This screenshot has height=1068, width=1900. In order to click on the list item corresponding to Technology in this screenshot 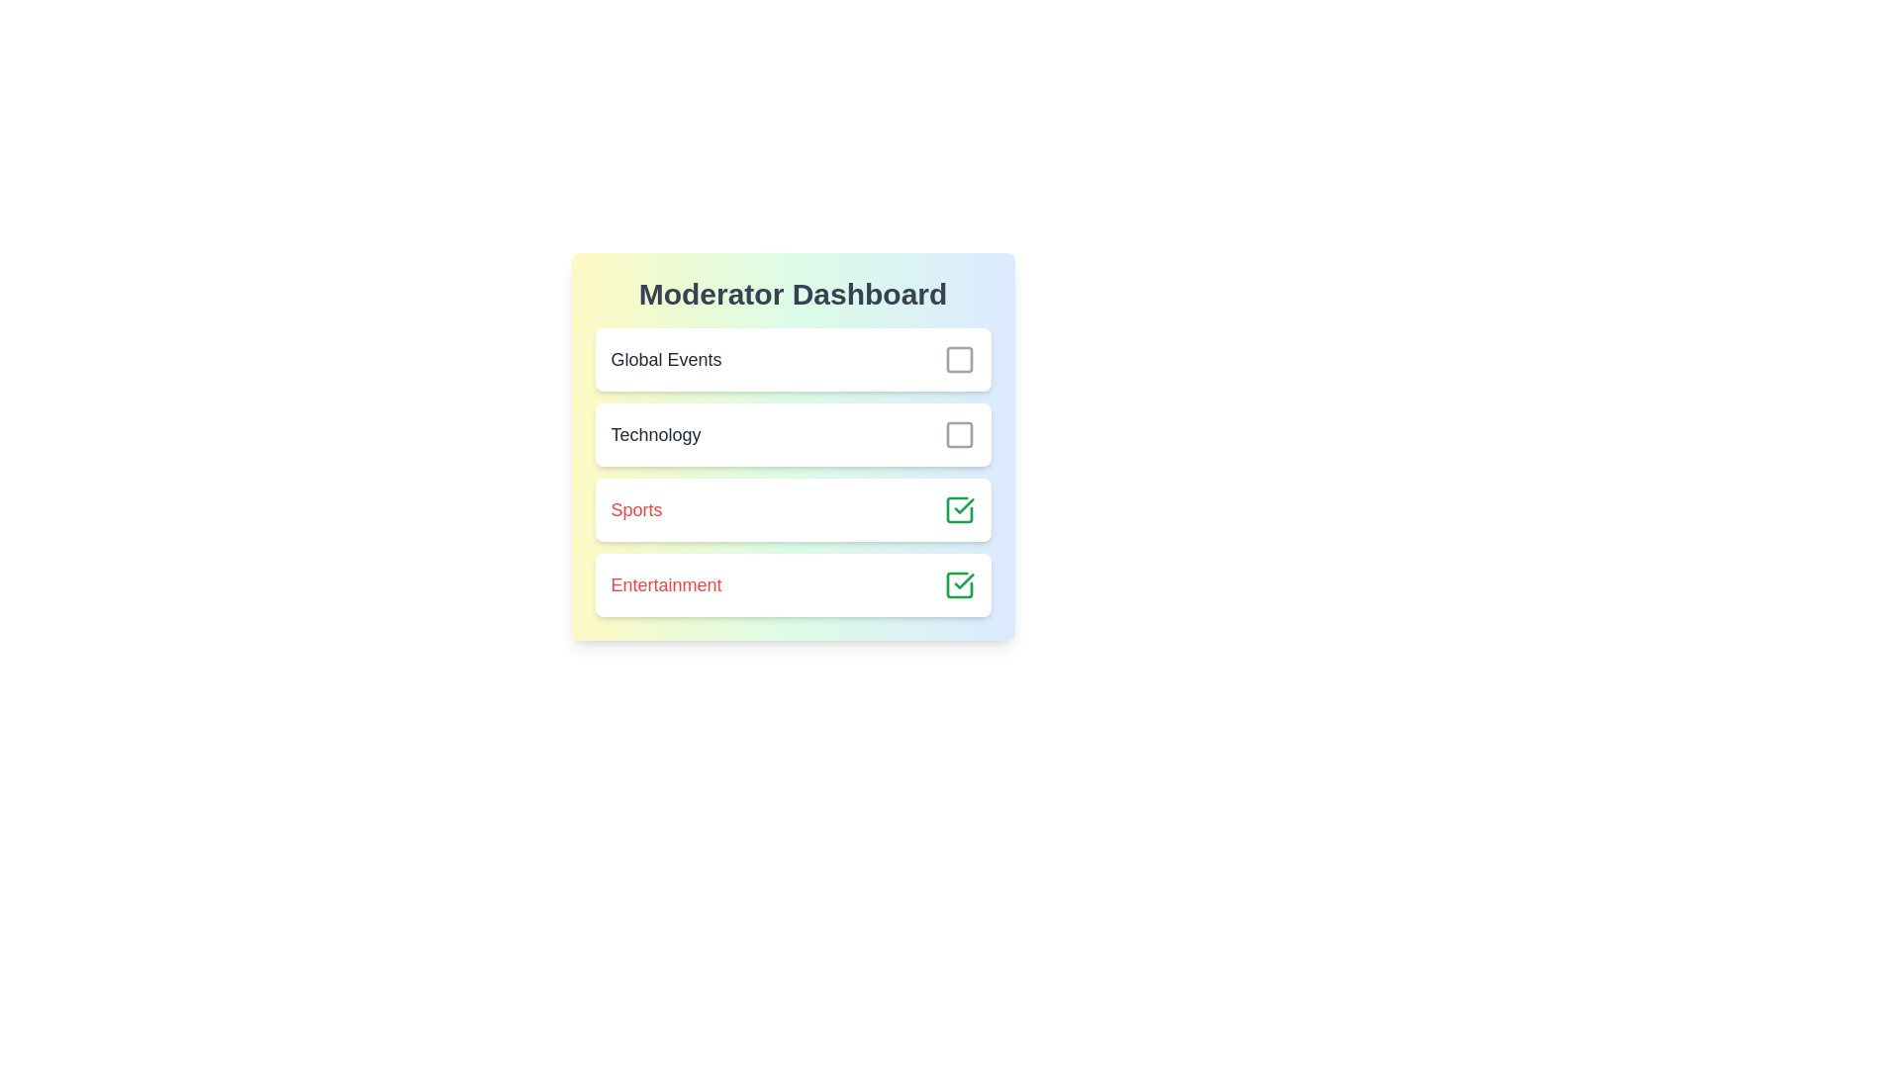, I will do `click(793, 433)`.